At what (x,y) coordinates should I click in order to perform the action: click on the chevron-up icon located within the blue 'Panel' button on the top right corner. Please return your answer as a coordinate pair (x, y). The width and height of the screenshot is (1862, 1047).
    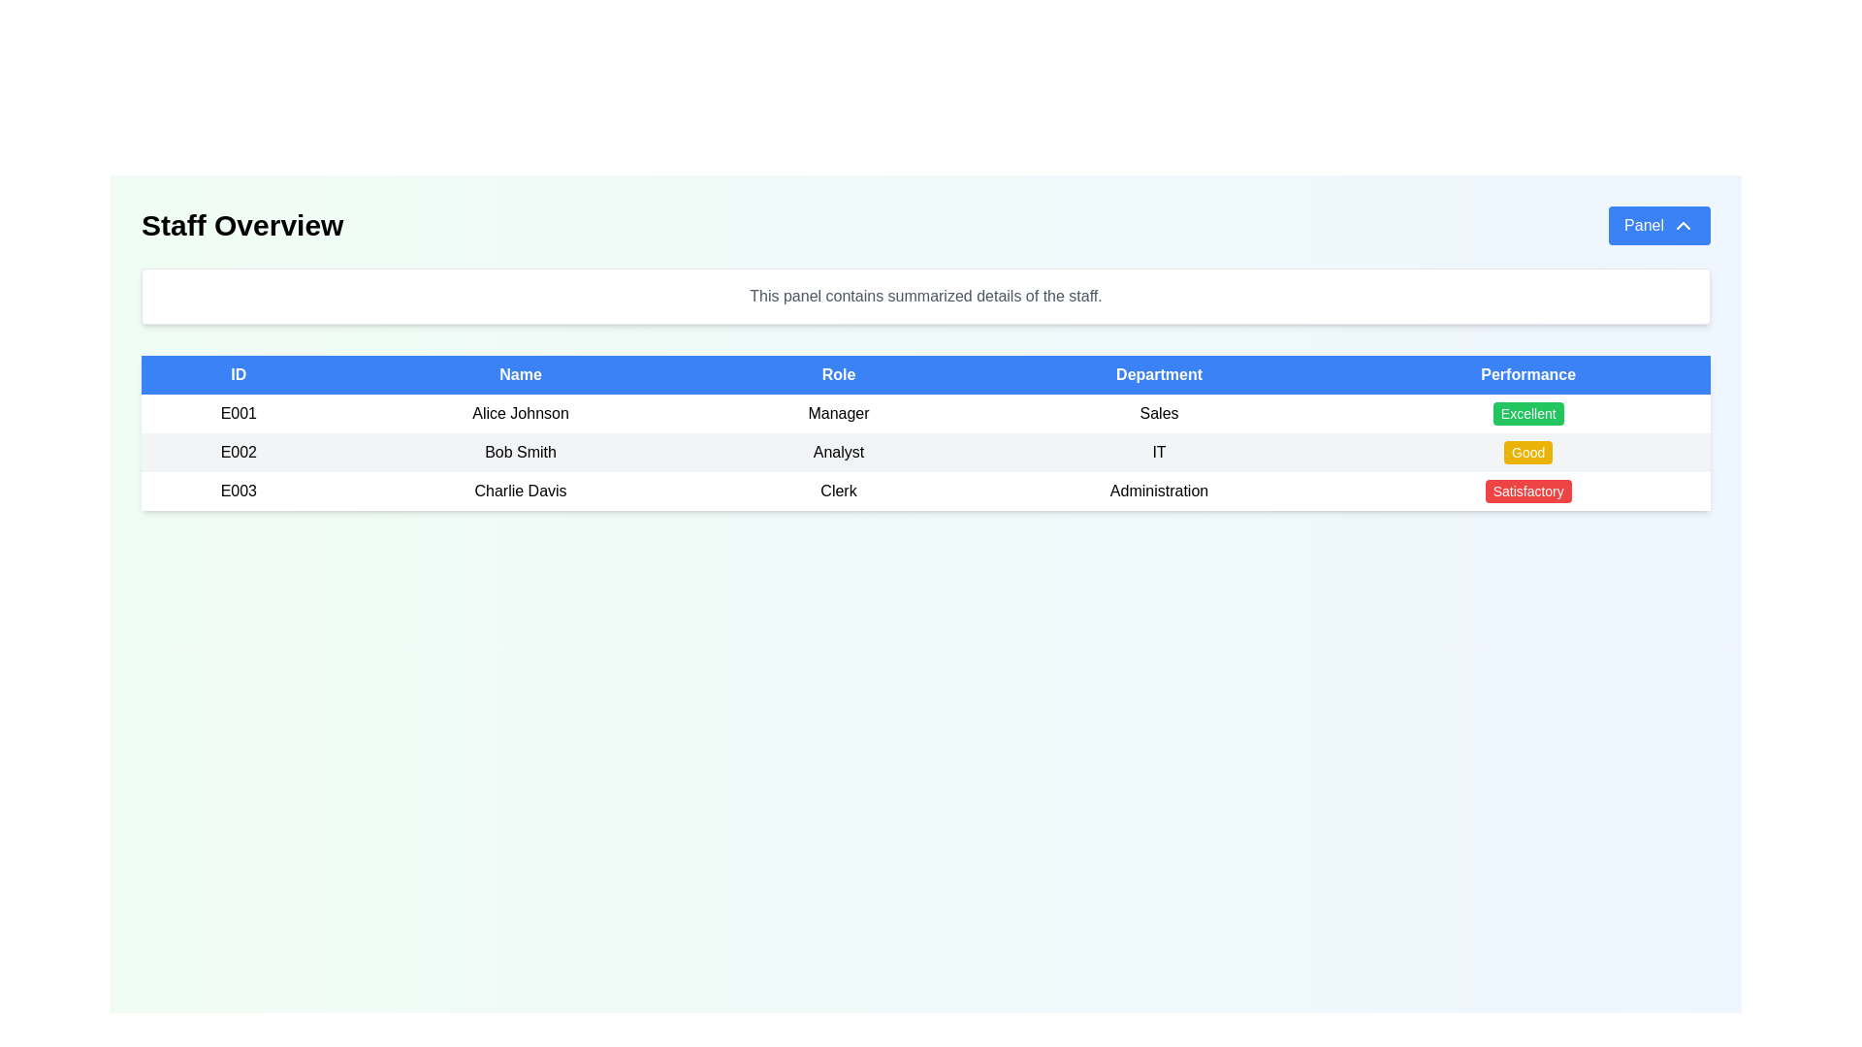
    Looking at the image, I should click on (1683, 224).